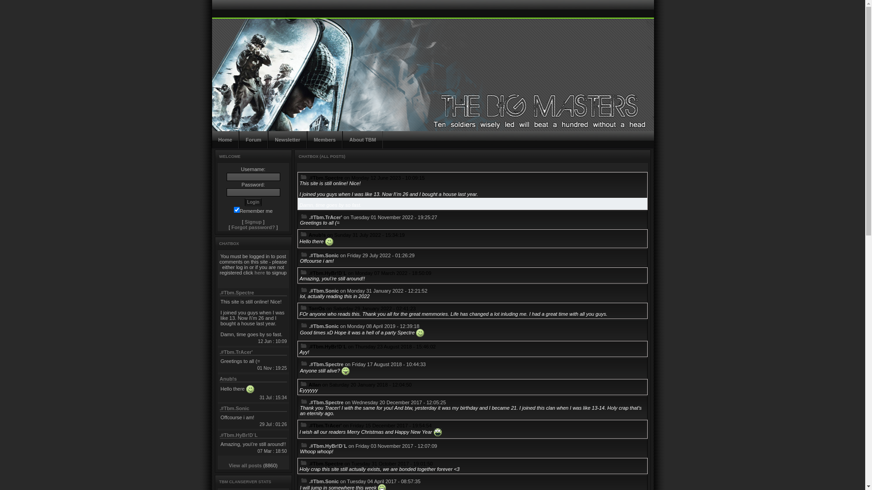  Describe the element at coordinates (287, 140) in the screenshot. I see `'Newsletter'` at that location.